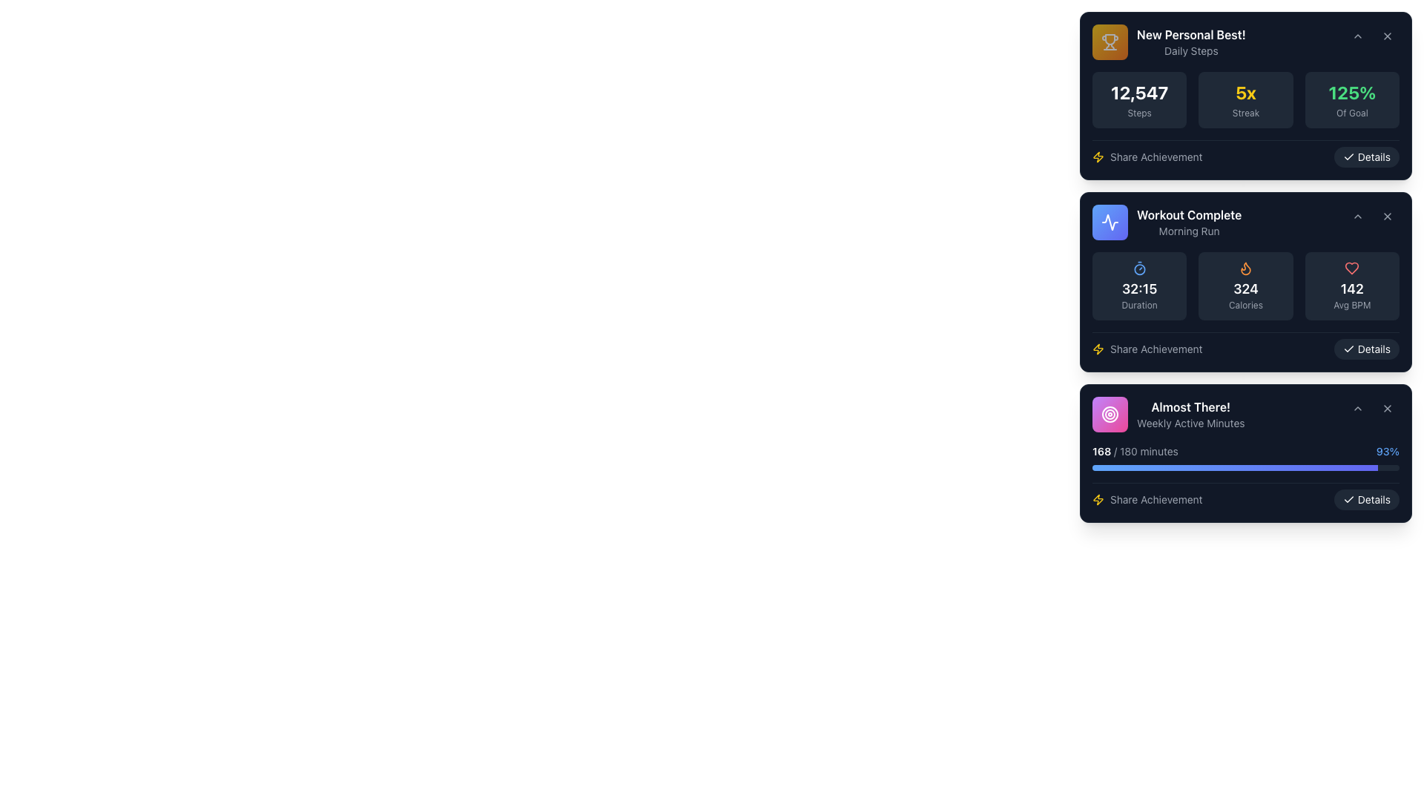 The width and height of the screenshot is (1424, 801). Describe the element at coordinates (1246, 100) in the screenshot. I see `the static informational panel that displays a 5x multiplier streak, located in the second column of the grid layout` at that location.